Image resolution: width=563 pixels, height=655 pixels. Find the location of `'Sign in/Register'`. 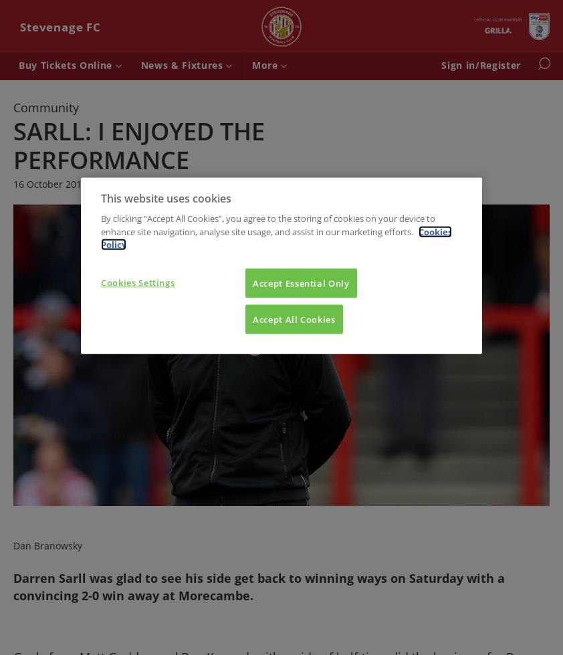

'Sign in/Register' is located at coordinates (481, 65).